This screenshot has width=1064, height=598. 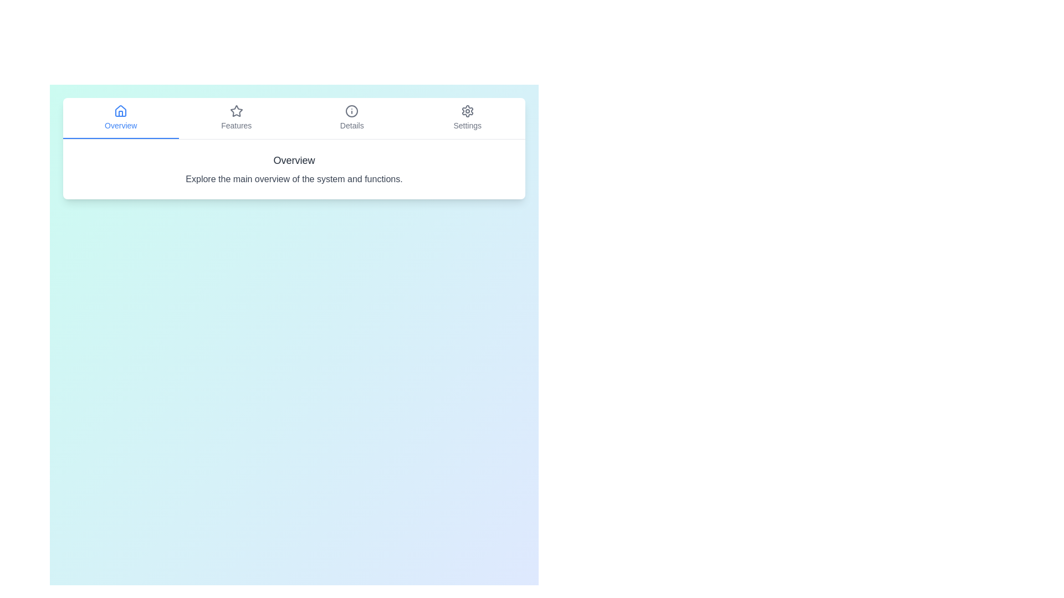 What do you see at coordinates (467, 118) in the screenshot?
I see `the Settings tab to examine its layout and content` at bounding box center [467, 118].